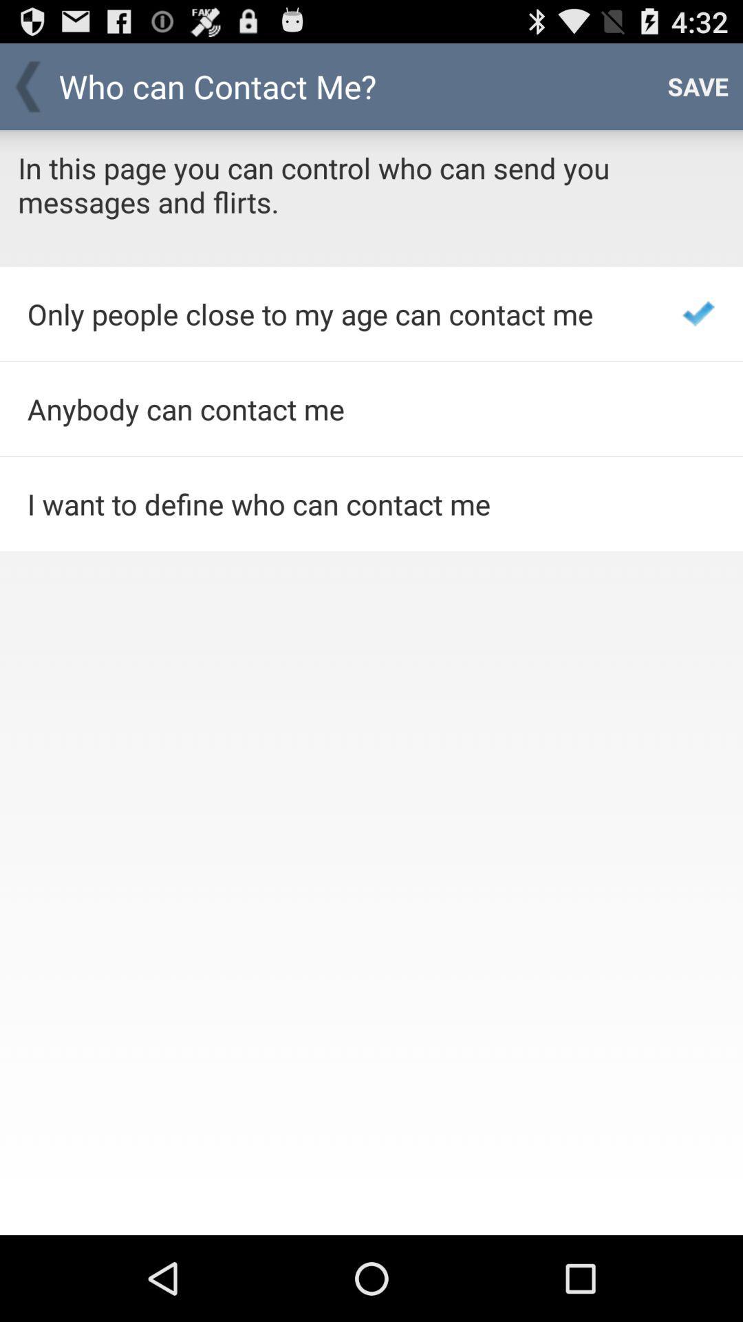  I want to click on i want to item, so click(336, 503).